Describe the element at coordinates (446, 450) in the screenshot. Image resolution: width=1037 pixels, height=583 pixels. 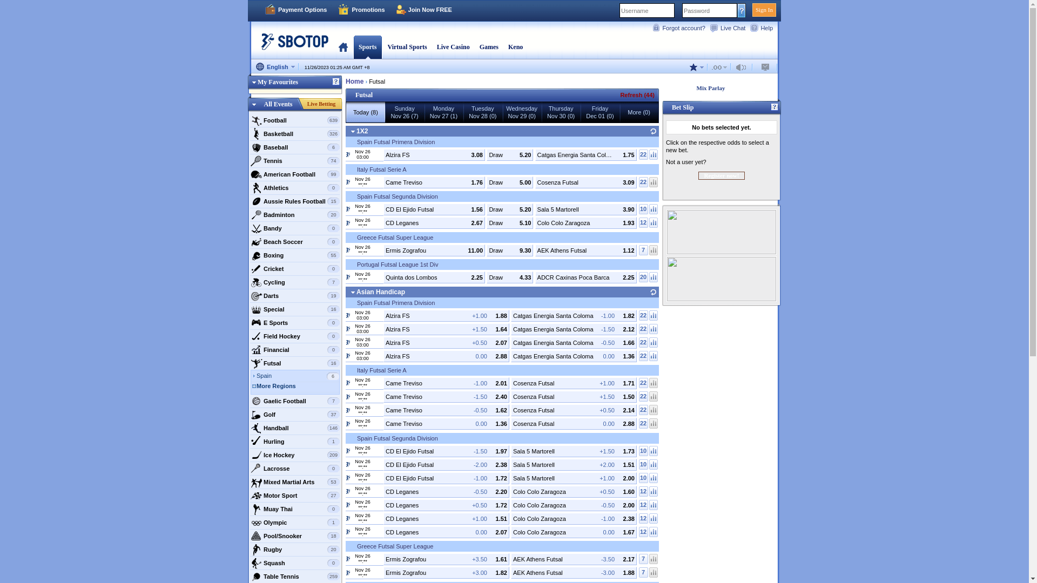
I see `'1.97` at that location.